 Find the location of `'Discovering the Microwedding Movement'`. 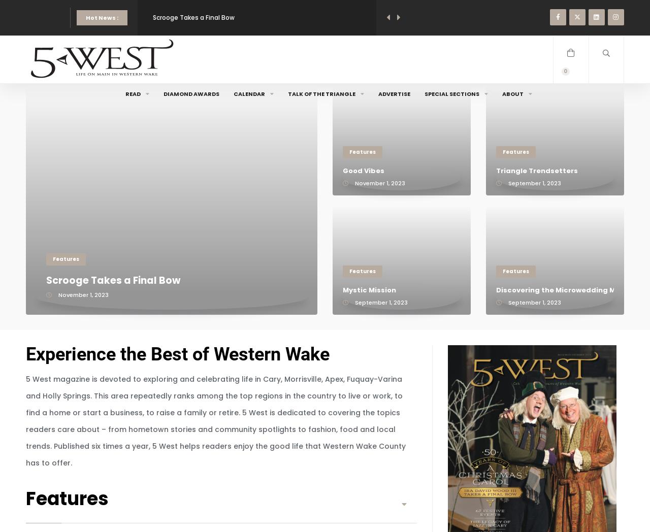

'Discovering the Microwedding Movement' is located at coordinates (496, 290).